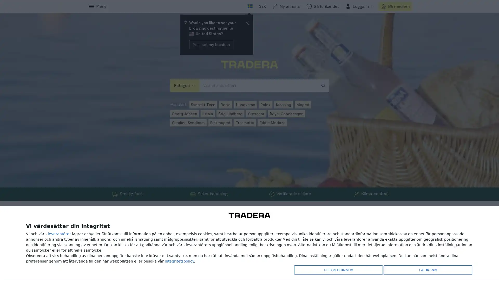 The width and height of the screenshot is (499, 281). What do you see at coordinates (250, 6) in the screenshot?
I see `Flag of SE` at bounding box center [250, 6].